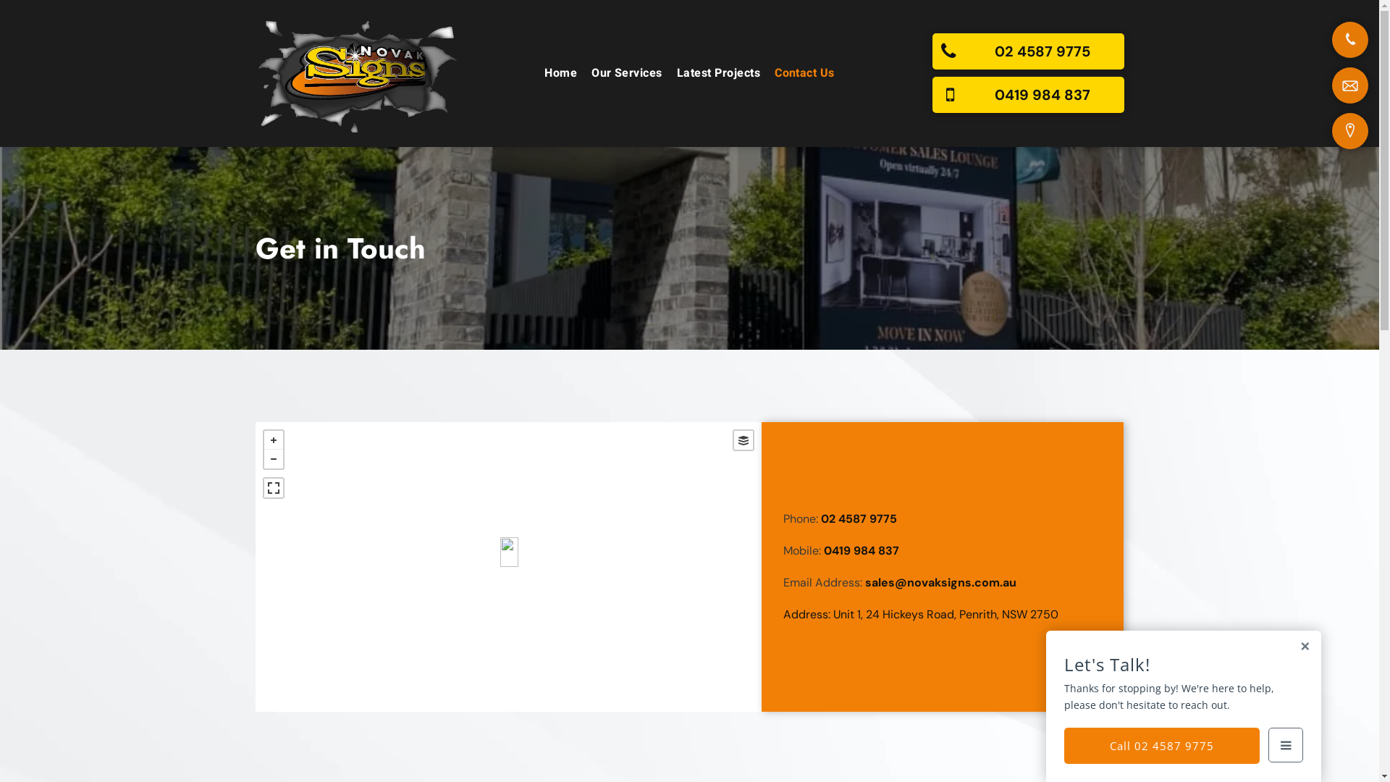  What do you see at coordinates (804, 72) in the screenshot?
I see `'Contact Us'` at bounding box center [804, 72].